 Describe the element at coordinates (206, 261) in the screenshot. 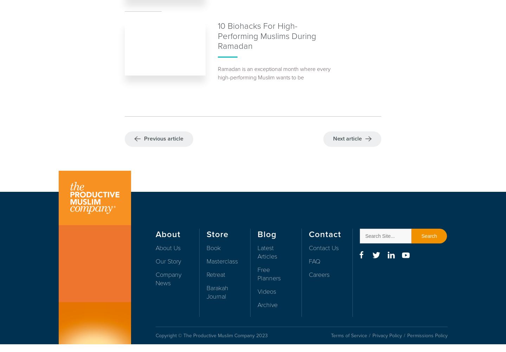

I see `'Masterclass'` at that location.